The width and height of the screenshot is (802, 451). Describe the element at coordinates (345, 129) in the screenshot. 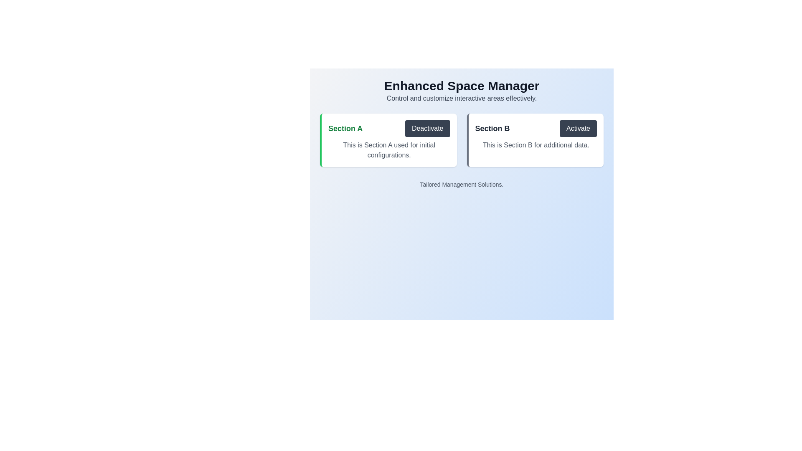

I see `the text label that reads 'Section A', which is styled with a large, bold, green font, located at the top-left corner of a card and to the left of a 'Deactivate' button` at that location.